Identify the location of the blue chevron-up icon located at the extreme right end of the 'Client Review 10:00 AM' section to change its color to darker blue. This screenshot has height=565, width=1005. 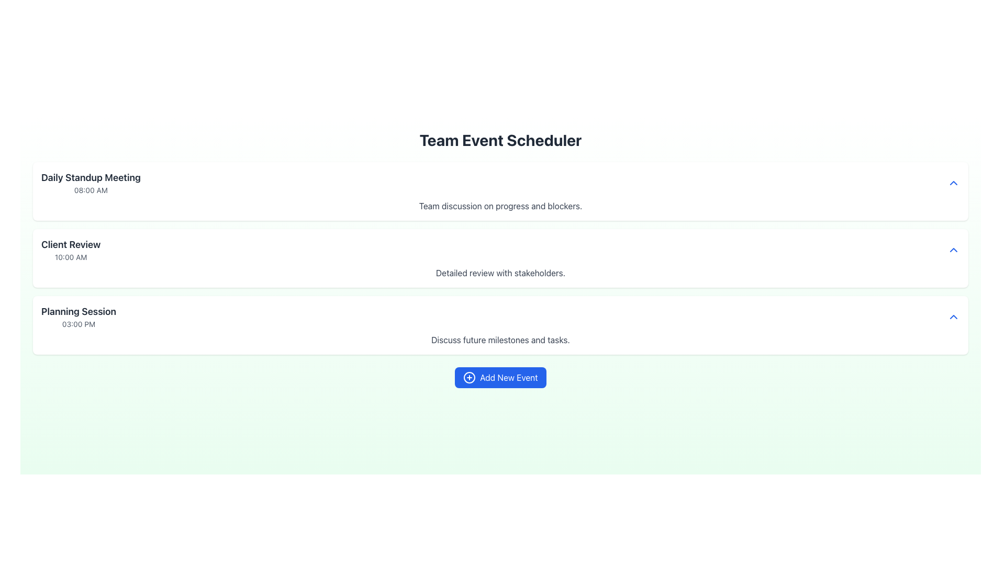
(954, 250).